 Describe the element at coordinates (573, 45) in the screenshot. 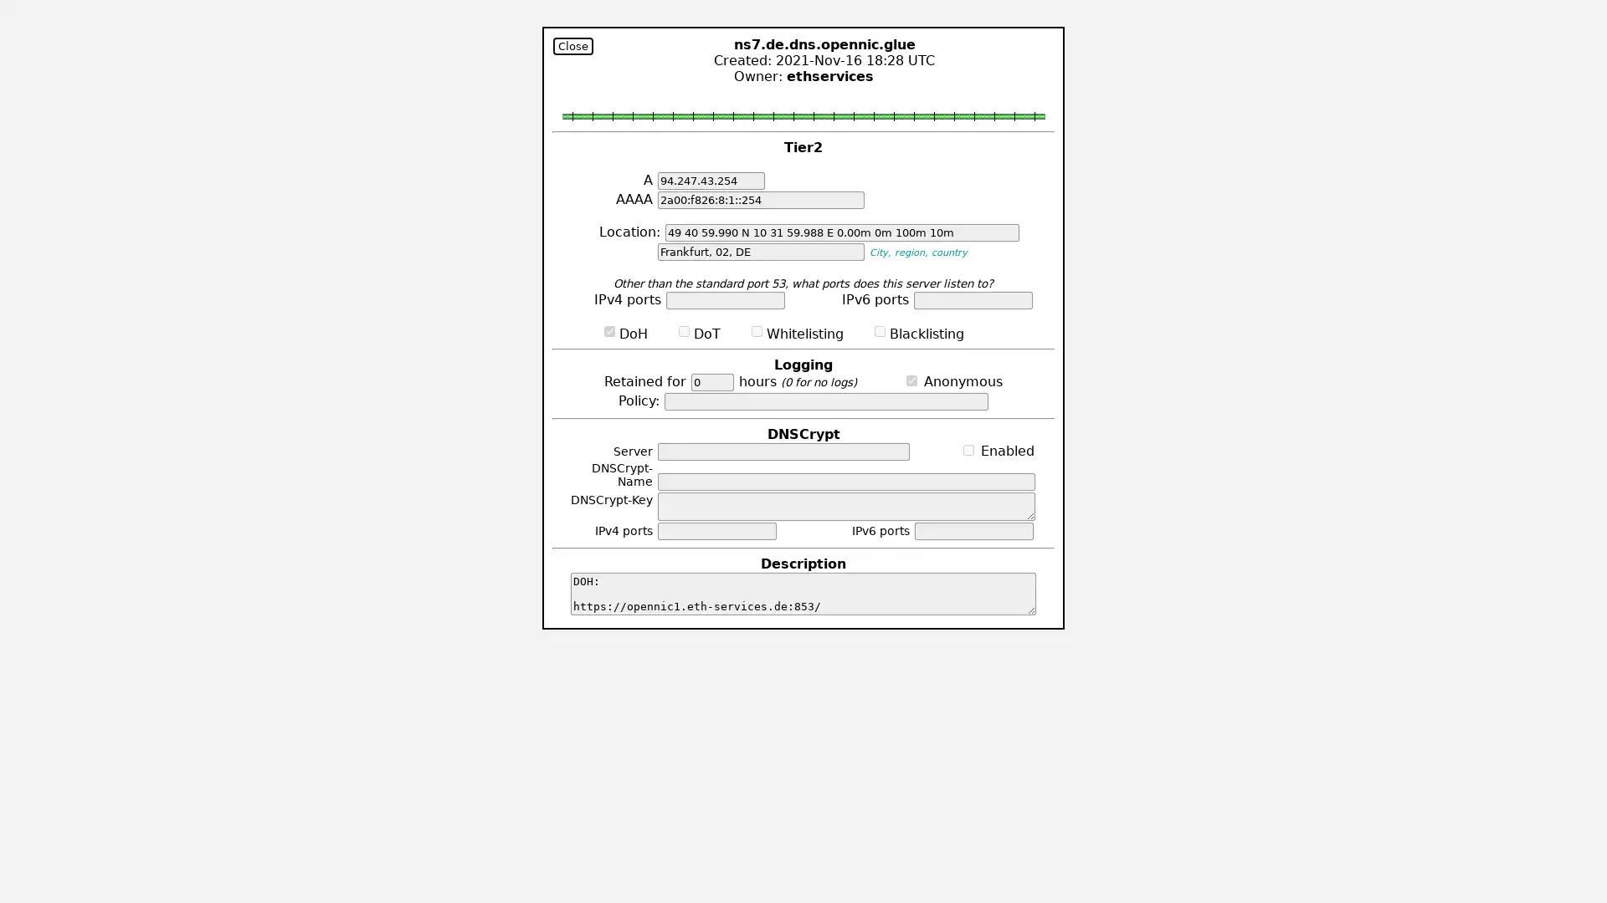

I see `Close` at that location.